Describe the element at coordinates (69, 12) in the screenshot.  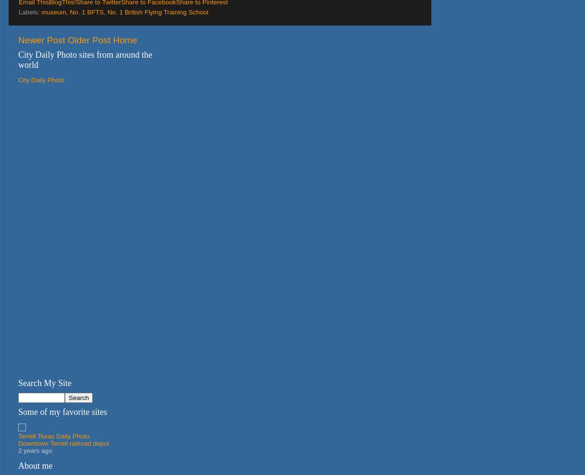
I see `'No. 1 BFTS'` at that location.